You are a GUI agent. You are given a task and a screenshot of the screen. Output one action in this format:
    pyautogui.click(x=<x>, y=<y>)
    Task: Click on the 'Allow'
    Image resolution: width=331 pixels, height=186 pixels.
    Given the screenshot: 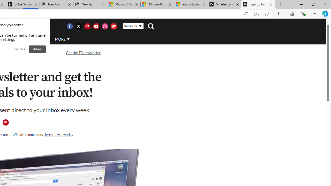 What is the action you would take?
    pyautogui.click(x=37, y=49)
    